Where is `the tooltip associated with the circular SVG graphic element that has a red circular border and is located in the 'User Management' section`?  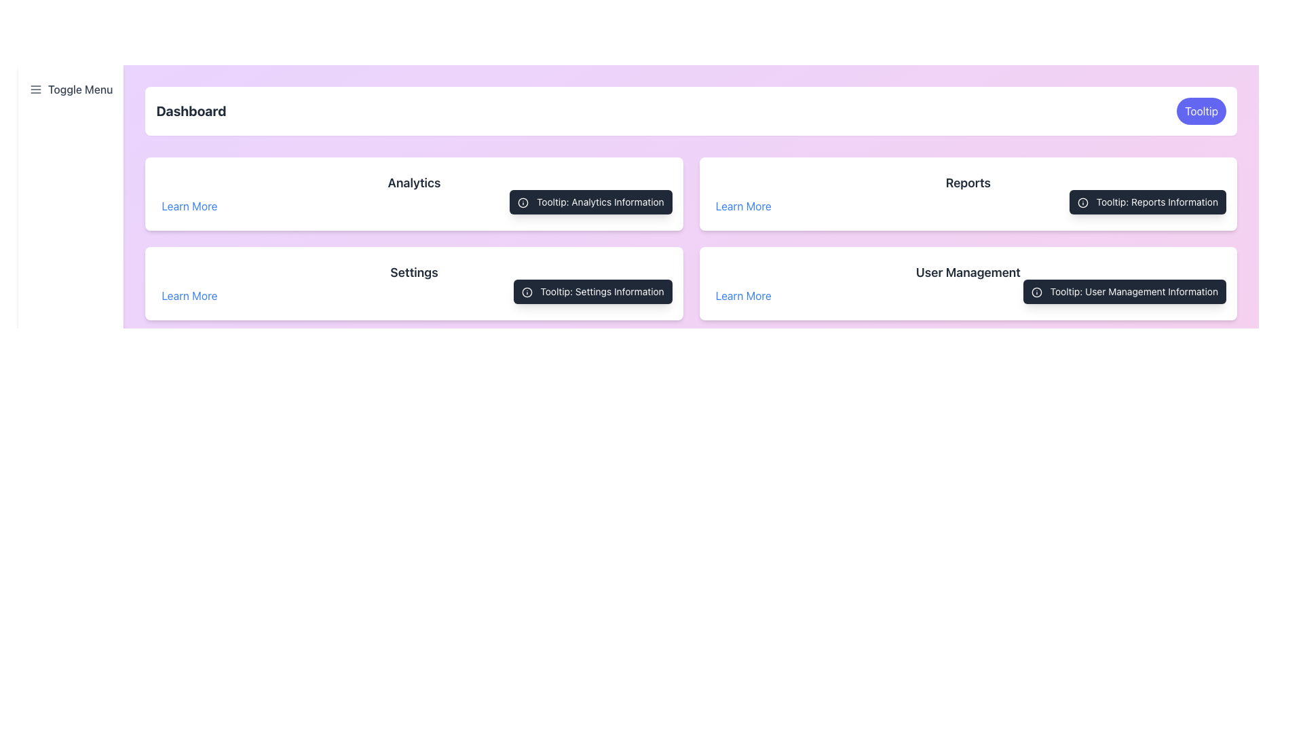
the tooltip associated with the circular SVG graphic element that has a red circular border and is located in the 'User Management' section is located at coordinates (1036, 292).